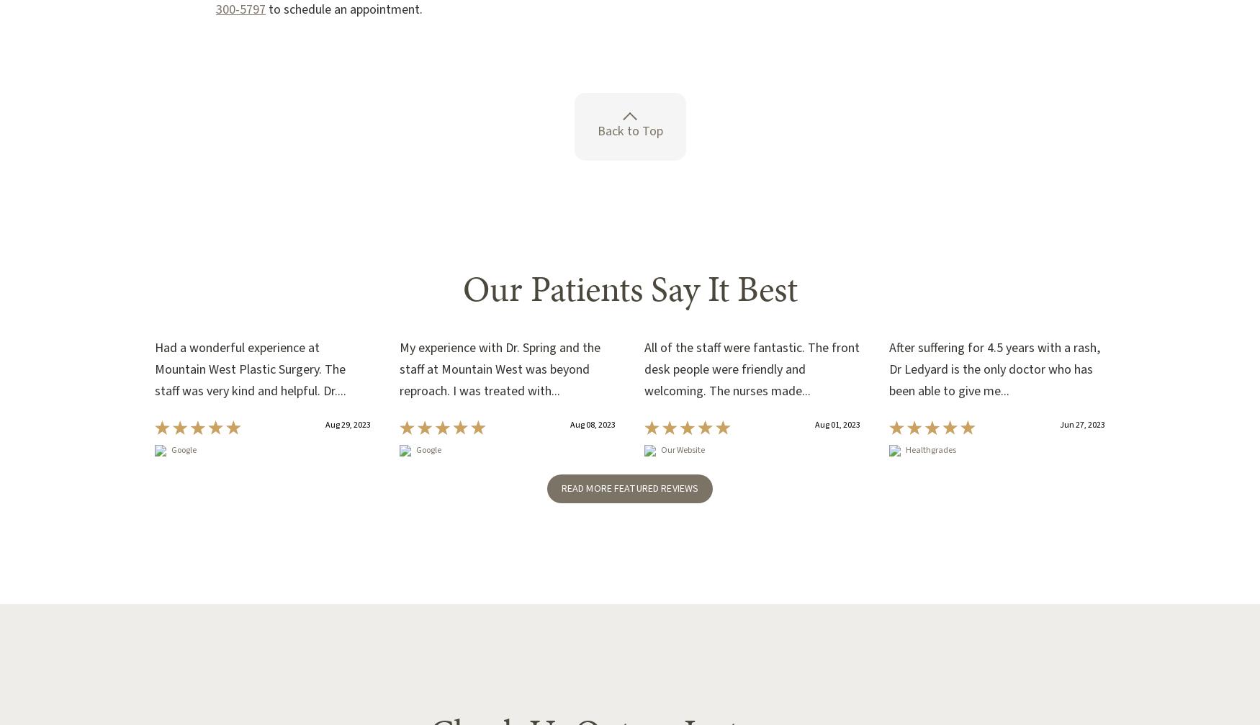  Describe the element at coordinates (837, 423) in the screenshot. I see `'Aug 01, 2023'` at that location.